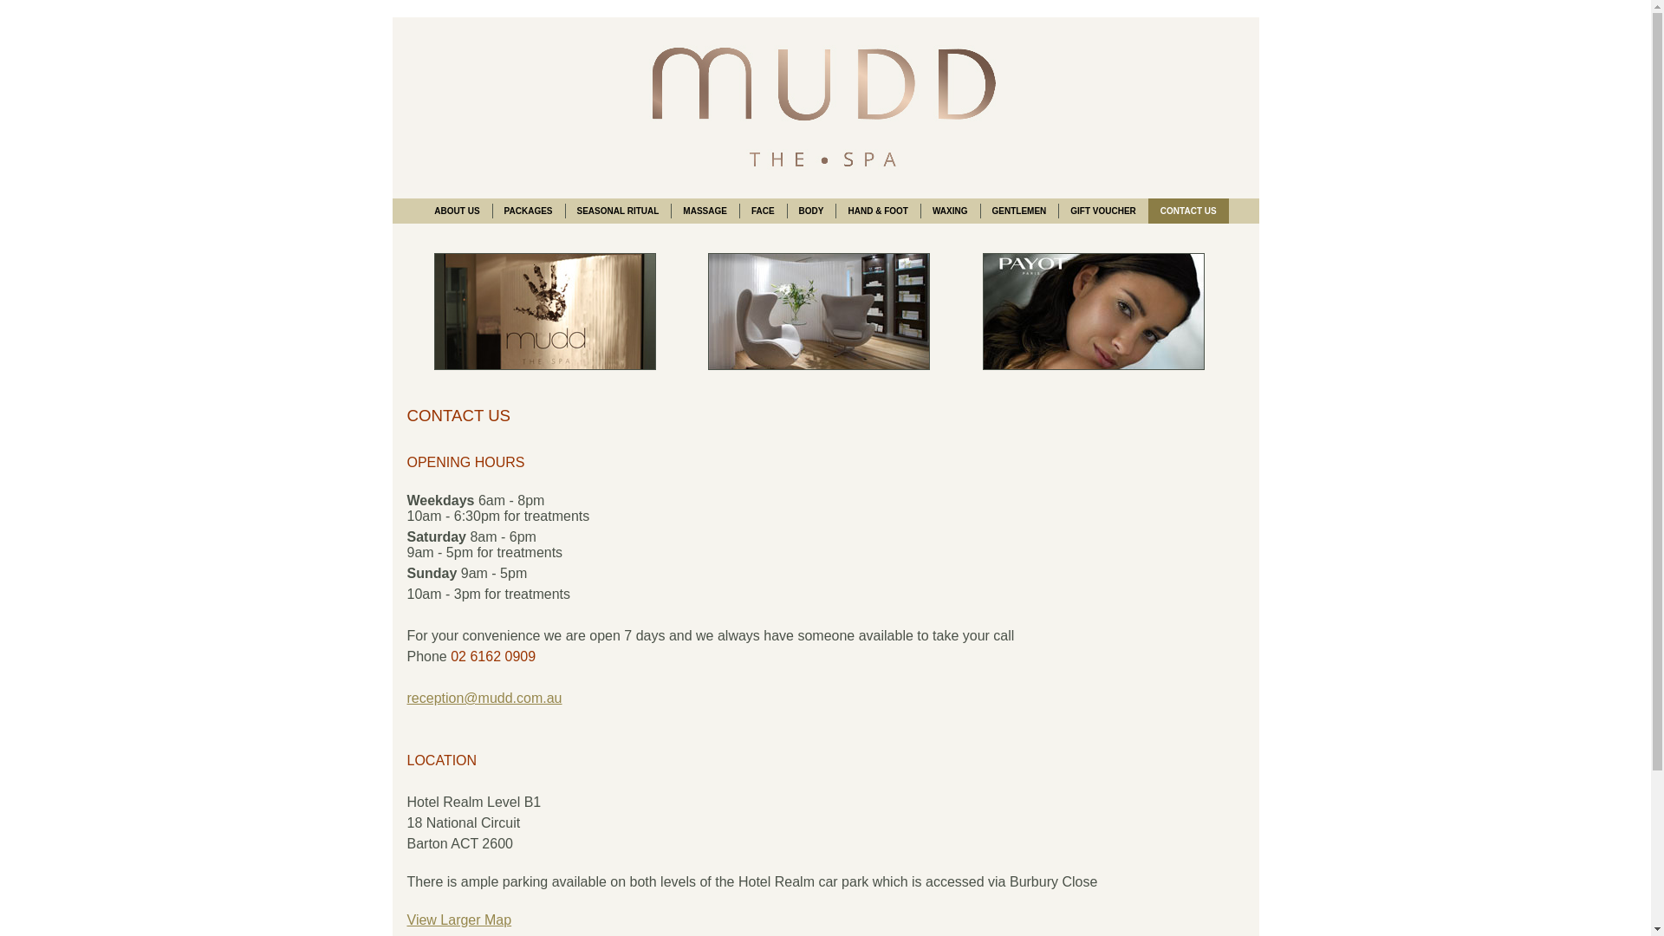 Image resolution: width=1664 pixels, height=936 pixels. Describe the element at coordinates (763, 210) in the screenshot. I see `'FACE'` at that location.